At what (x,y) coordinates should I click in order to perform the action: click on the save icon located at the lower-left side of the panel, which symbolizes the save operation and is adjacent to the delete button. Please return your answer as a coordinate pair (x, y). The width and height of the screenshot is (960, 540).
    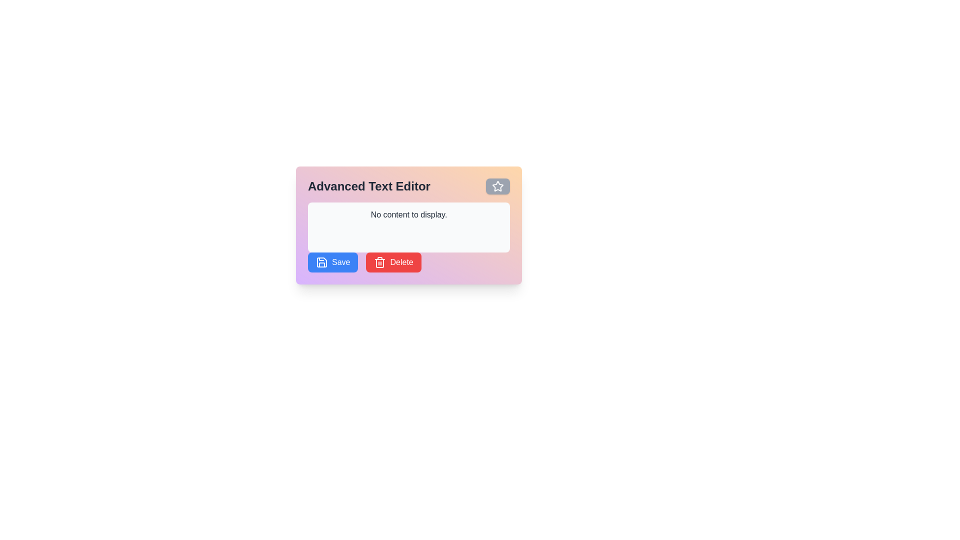
    Looking at the image, I should click on (321, 261).